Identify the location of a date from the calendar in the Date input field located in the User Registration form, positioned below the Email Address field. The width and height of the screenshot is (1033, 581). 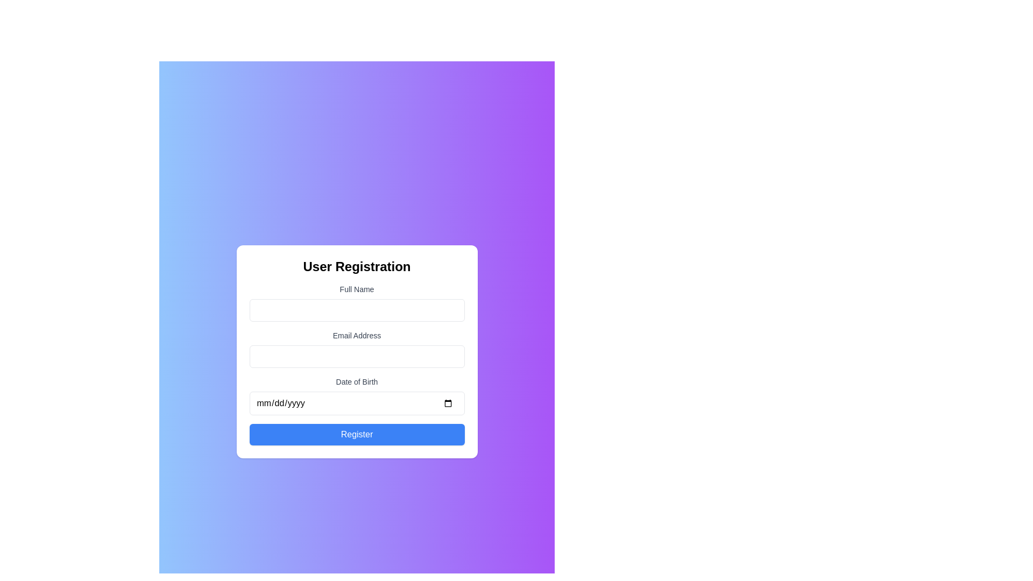
(357, 396).